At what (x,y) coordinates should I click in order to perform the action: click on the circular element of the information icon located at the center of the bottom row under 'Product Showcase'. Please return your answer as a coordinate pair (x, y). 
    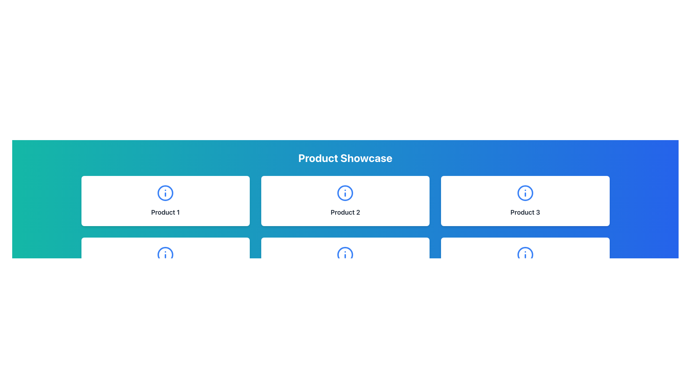
    Looking at the image, I should click on (525, 254).